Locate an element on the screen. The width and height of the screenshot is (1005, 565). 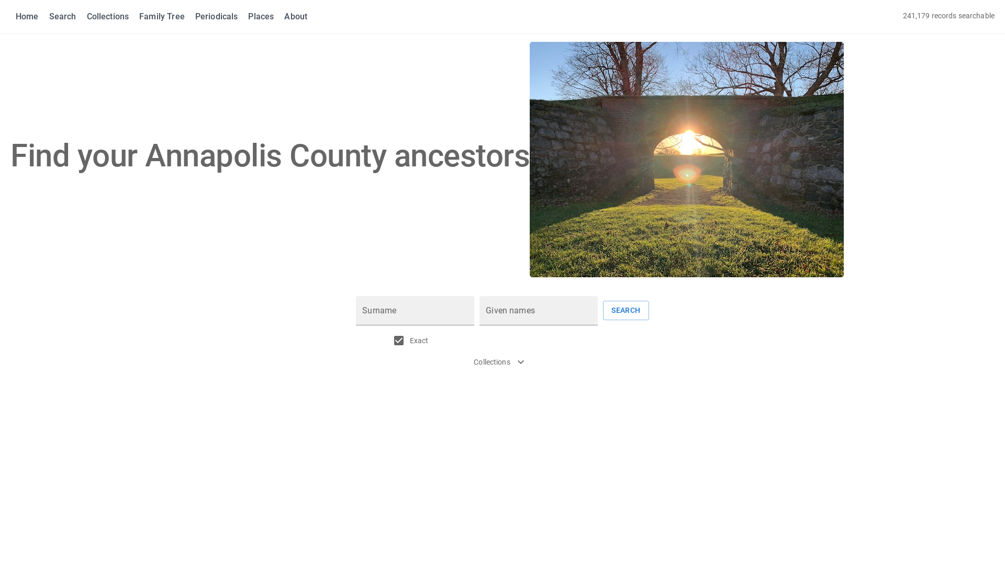
'SEARCH' is located at coordinates (603, 310).